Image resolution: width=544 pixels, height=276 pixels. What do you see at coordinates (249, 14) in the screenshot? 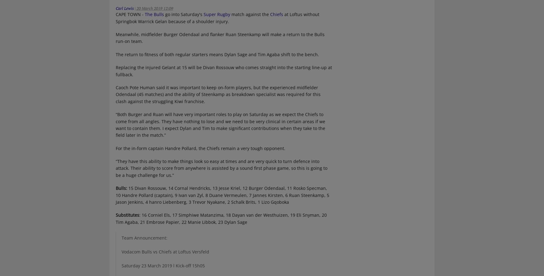
I see `'match against the'` at bounding box center [249, 14].